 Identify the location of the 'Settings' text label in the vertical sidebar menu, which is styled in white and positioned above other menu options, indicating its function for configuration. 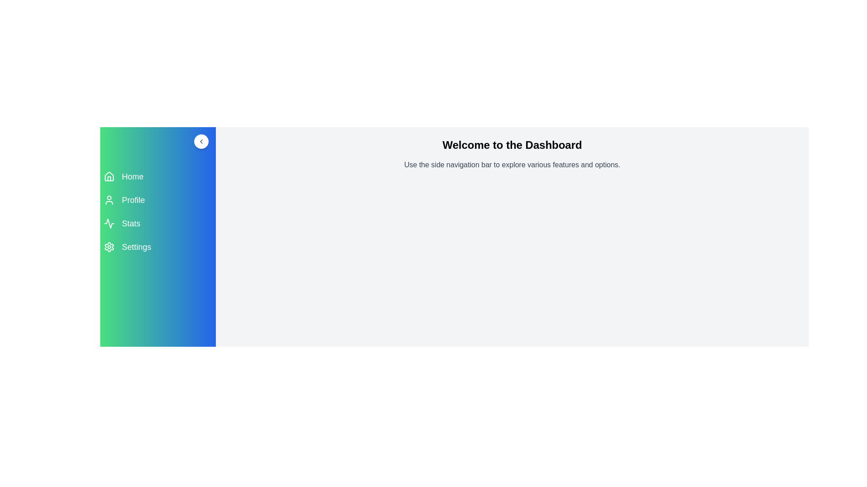
(136, 247).